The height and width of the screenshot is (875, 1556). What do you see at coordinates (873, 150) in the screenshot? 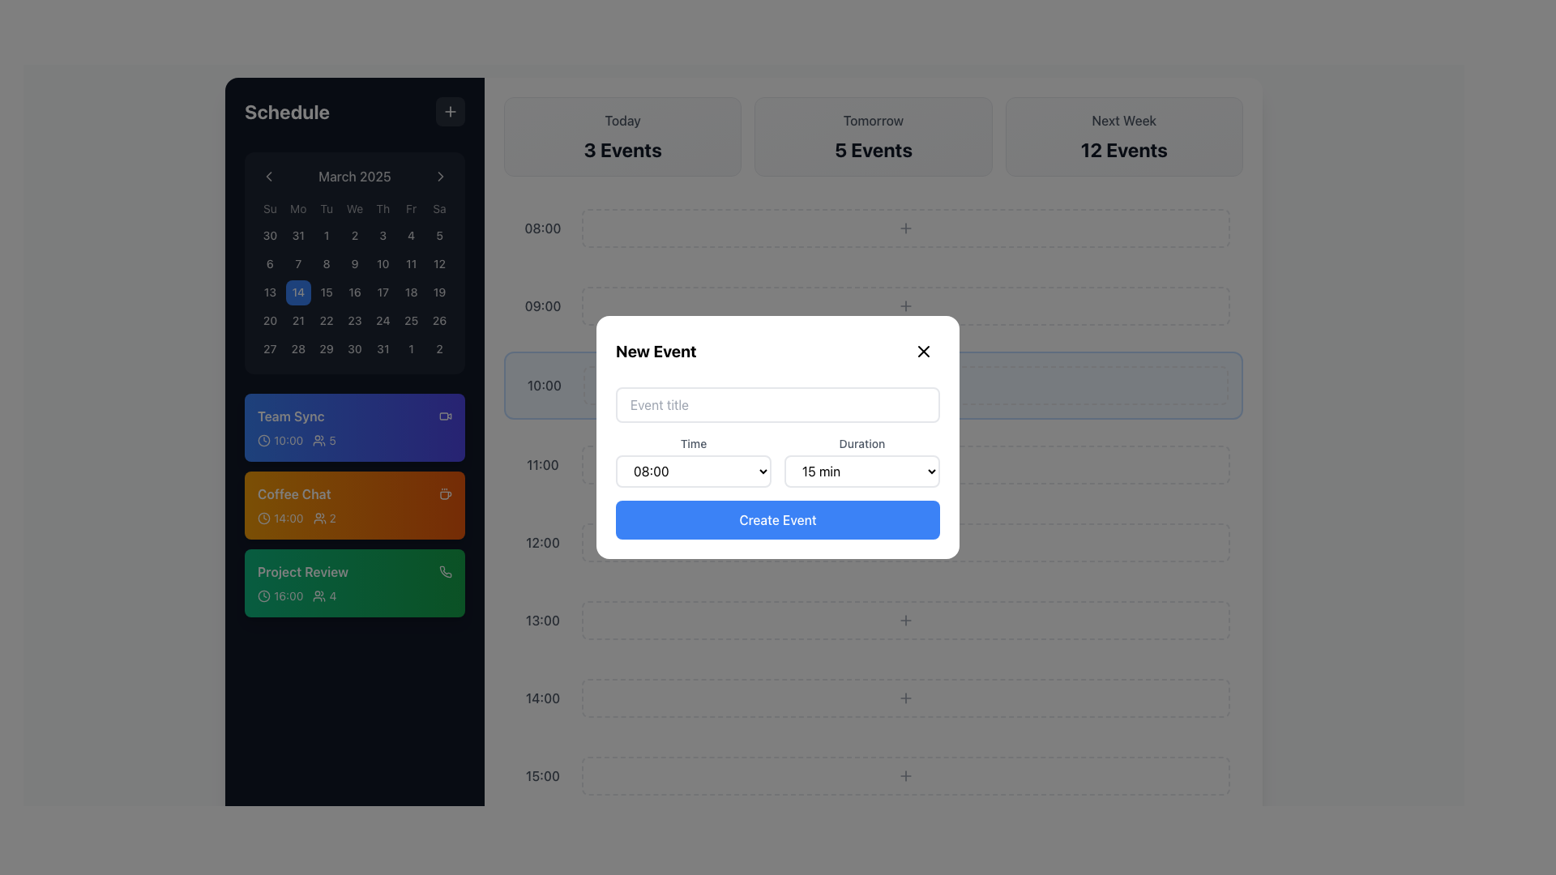
I see `the static text label displaying '5 Events' located in the second card titled 'Tomorrow', which is positioned at the top-center of the layout` at bounding box center [873, 150].